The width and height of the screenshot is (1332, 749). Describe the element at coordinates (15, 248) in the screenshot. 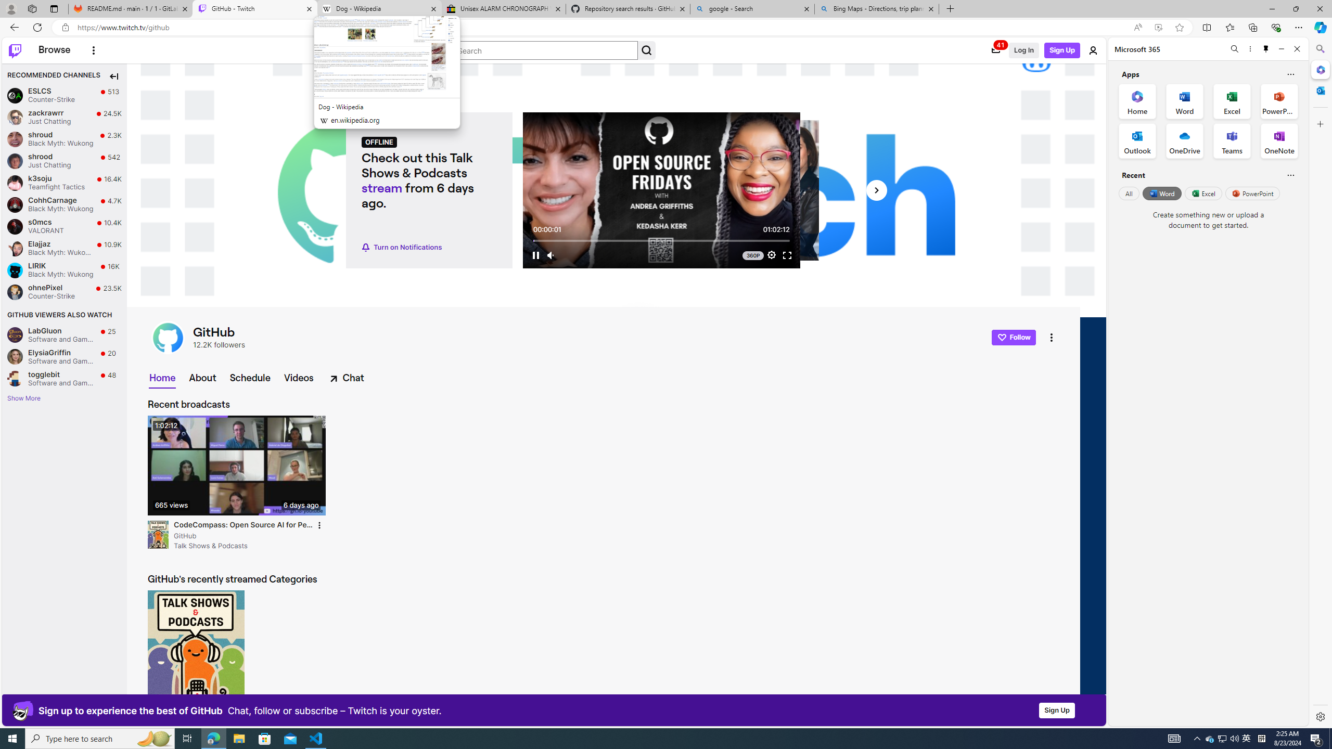

I see `'Elajjaz'` at that location.